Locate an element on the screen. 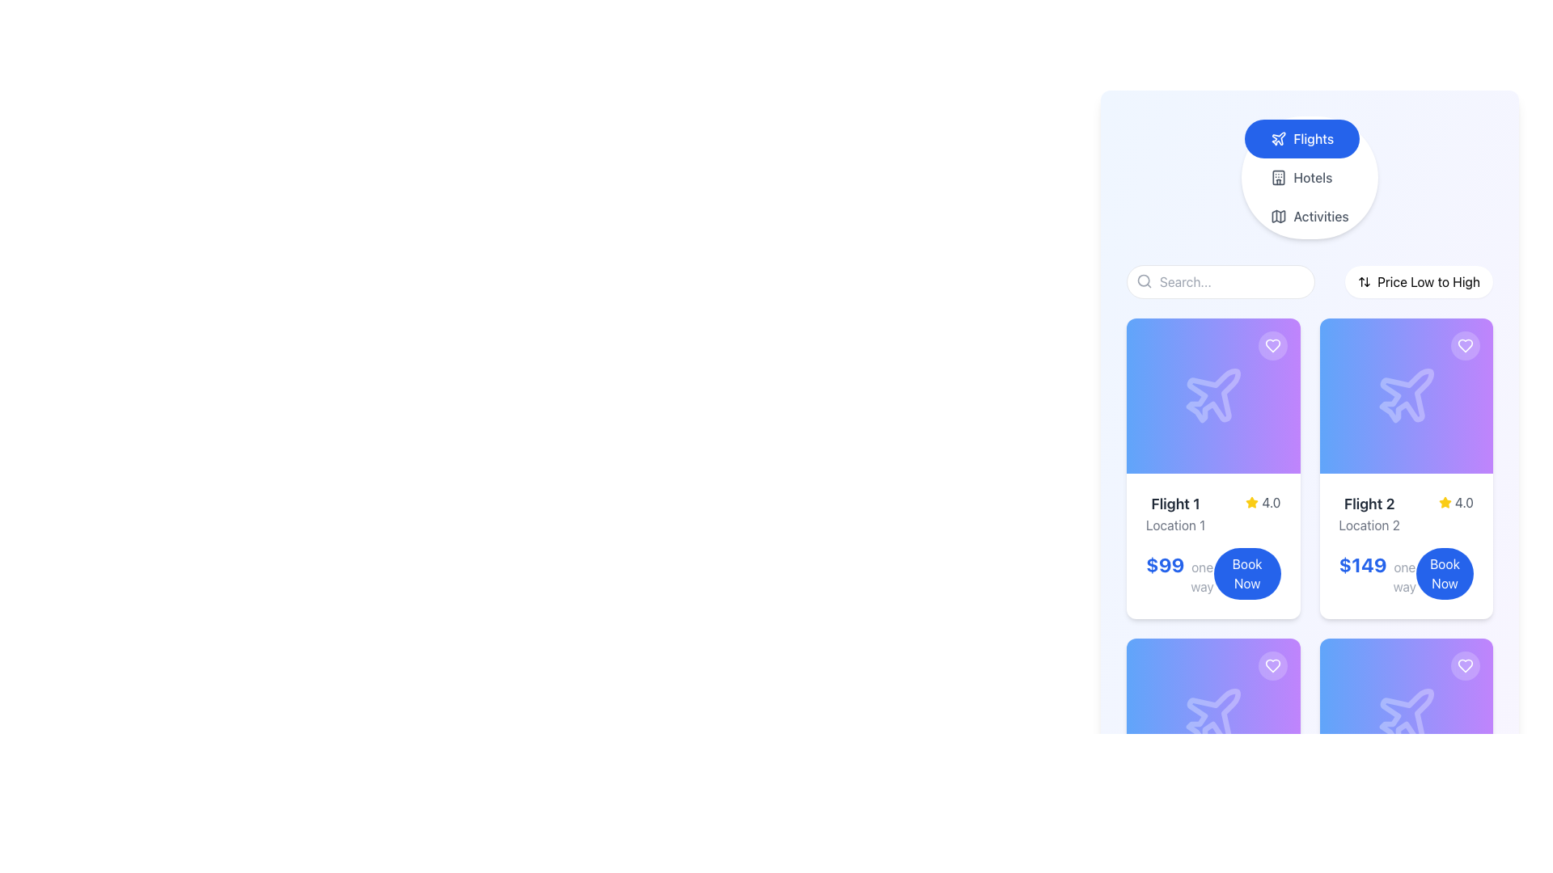 The height and width of the screenshot is (873, 1553). the price and type display component for the one way flight, located under the 'Flight 2' title in the second column of the grid layout is located at coordinates (1377, 572).